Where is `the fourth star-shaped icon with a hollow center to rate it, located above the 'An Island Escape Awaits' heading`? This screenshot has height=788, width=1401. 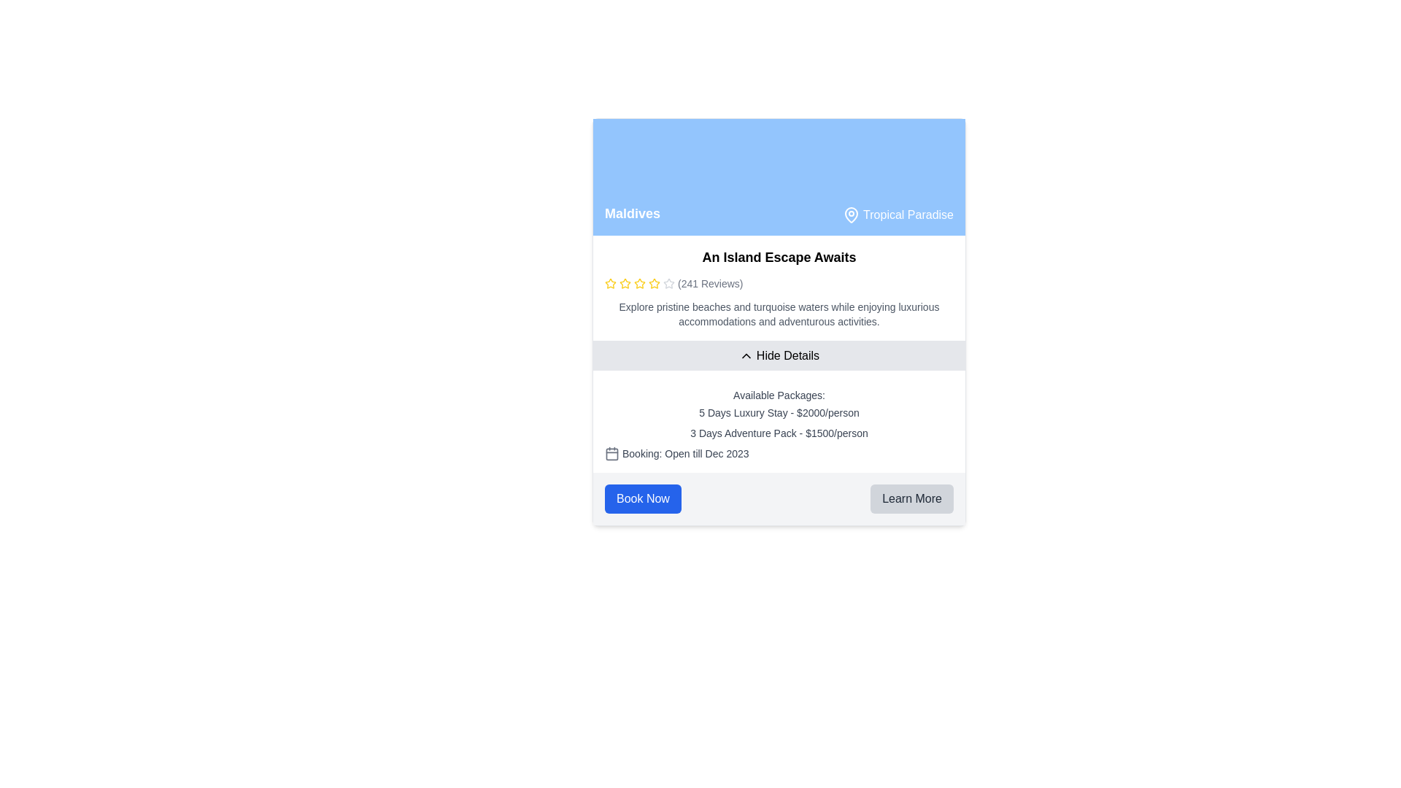 the fourth star-shaped icon with a hollow center to rate it, located above the 'An Island Escape Awaits' heading is located at coordinates (668, 283).